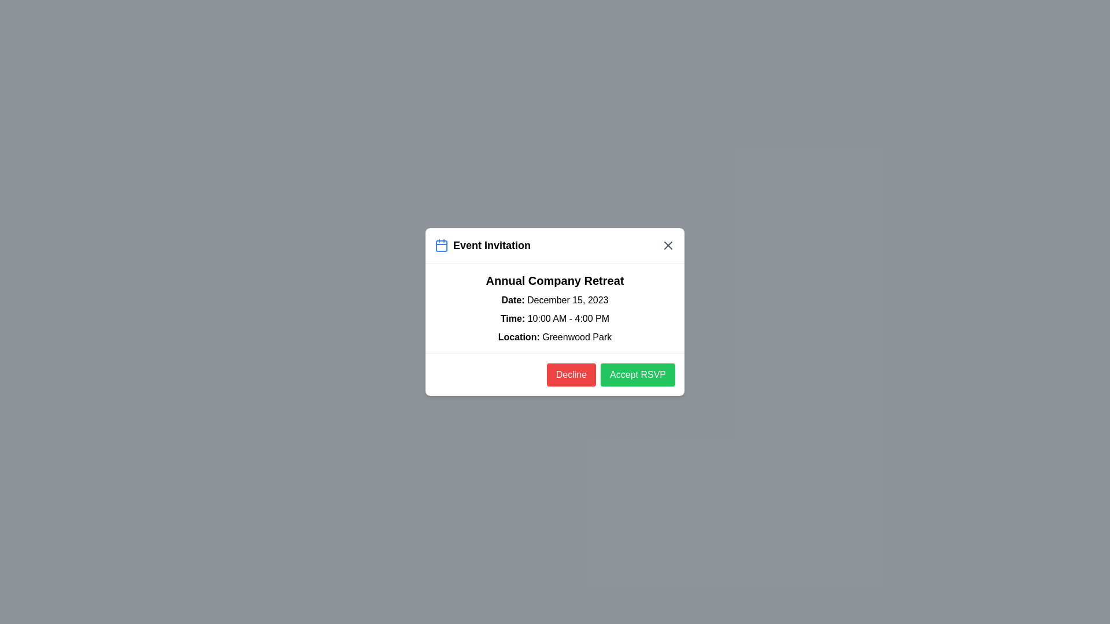  Describe the element at coordinates (555, 318) in the screenshot. I see `text content of the second Text Label that provides the time details of an event, located between the 'Date: December 15, 2023' and 'Location: Greenwood Park' text` at that location.